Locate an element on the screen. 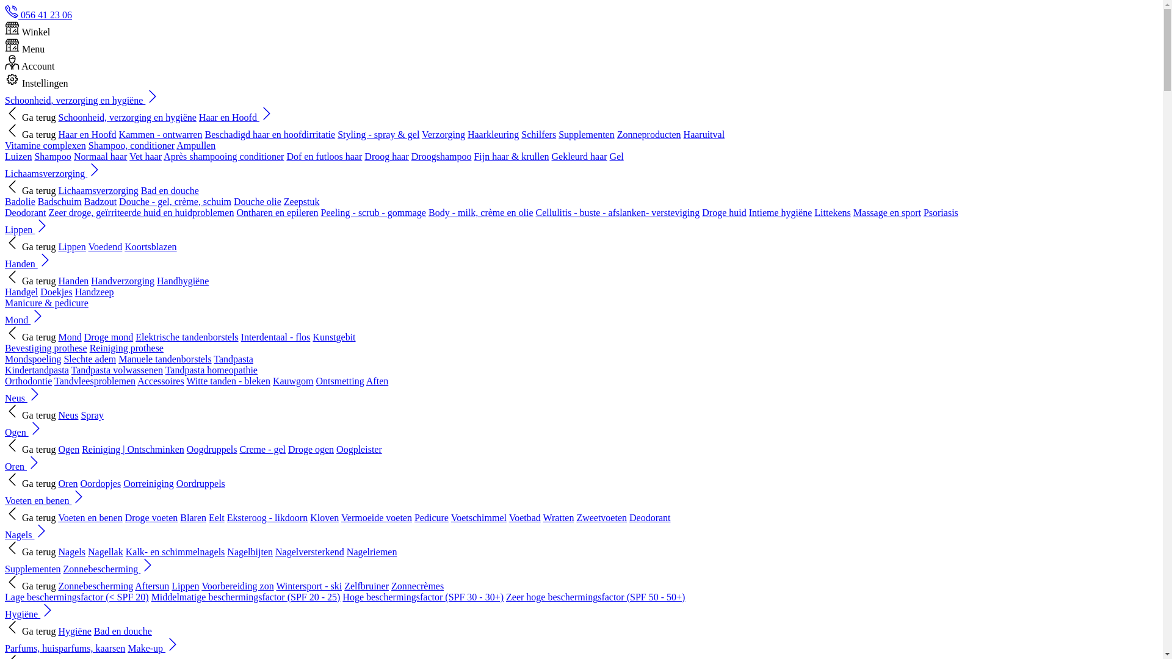  'Ontsmetting' is located at coordinates (340, 380).